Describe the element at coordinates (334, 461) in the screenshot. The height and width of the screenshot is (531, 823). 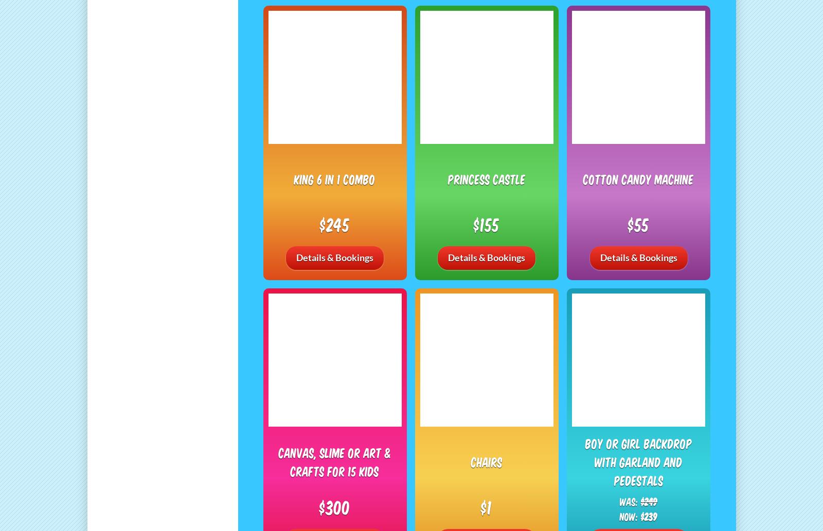
I see `'Canvas, Slime or Art & Crafts for 15 Kids'` at that location.